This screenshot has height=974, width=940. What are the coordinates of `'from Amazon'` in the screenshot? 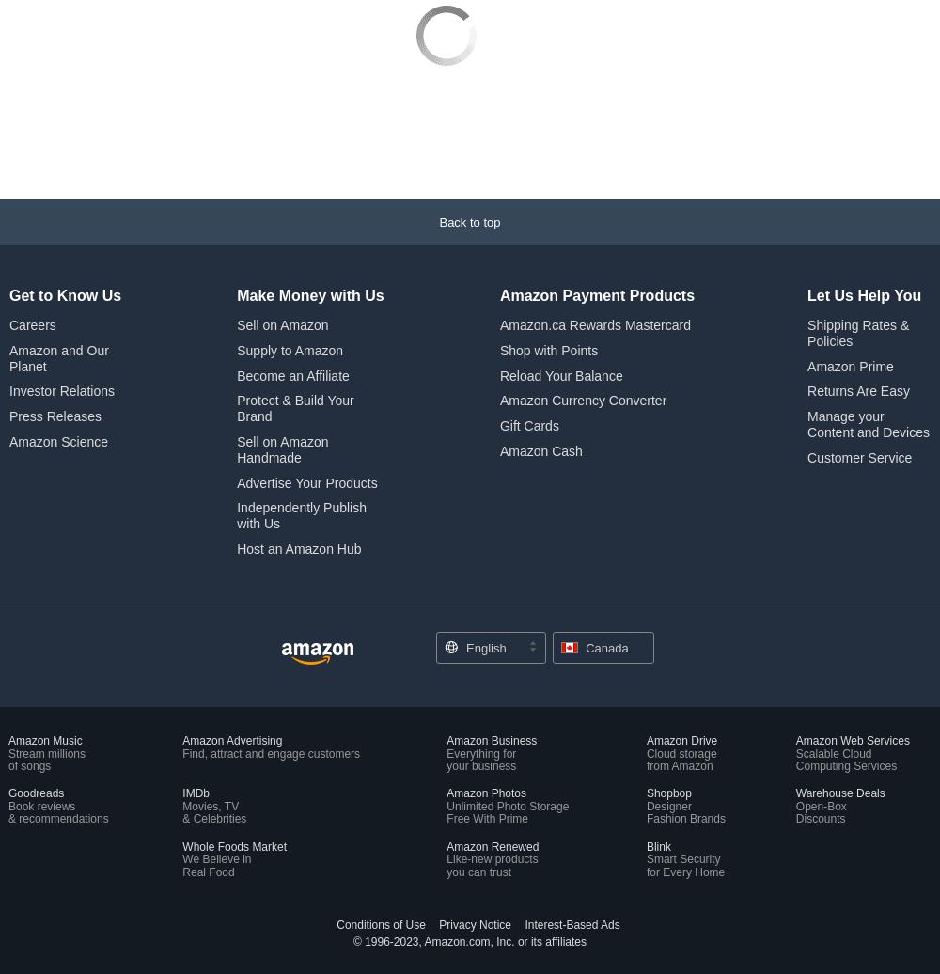 It's located at (678, 639).